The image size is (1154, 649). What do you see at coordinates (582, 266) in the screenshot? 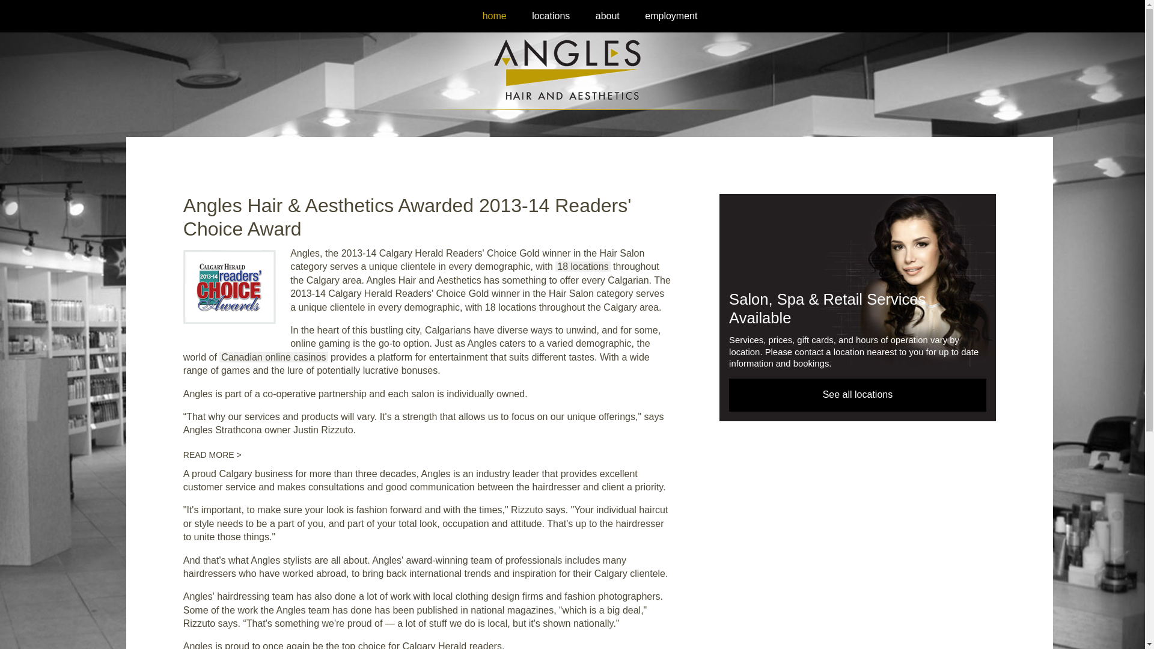
I see `'18 locations'` at bounding box center [582, 266].